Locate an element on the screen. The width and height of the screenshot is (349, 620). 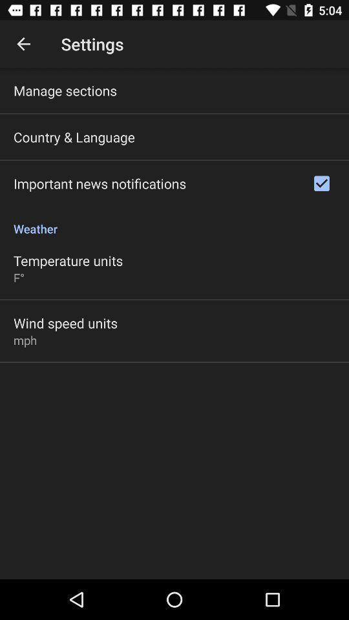
icon to the left of settings item is located at coordinates (23, 44).